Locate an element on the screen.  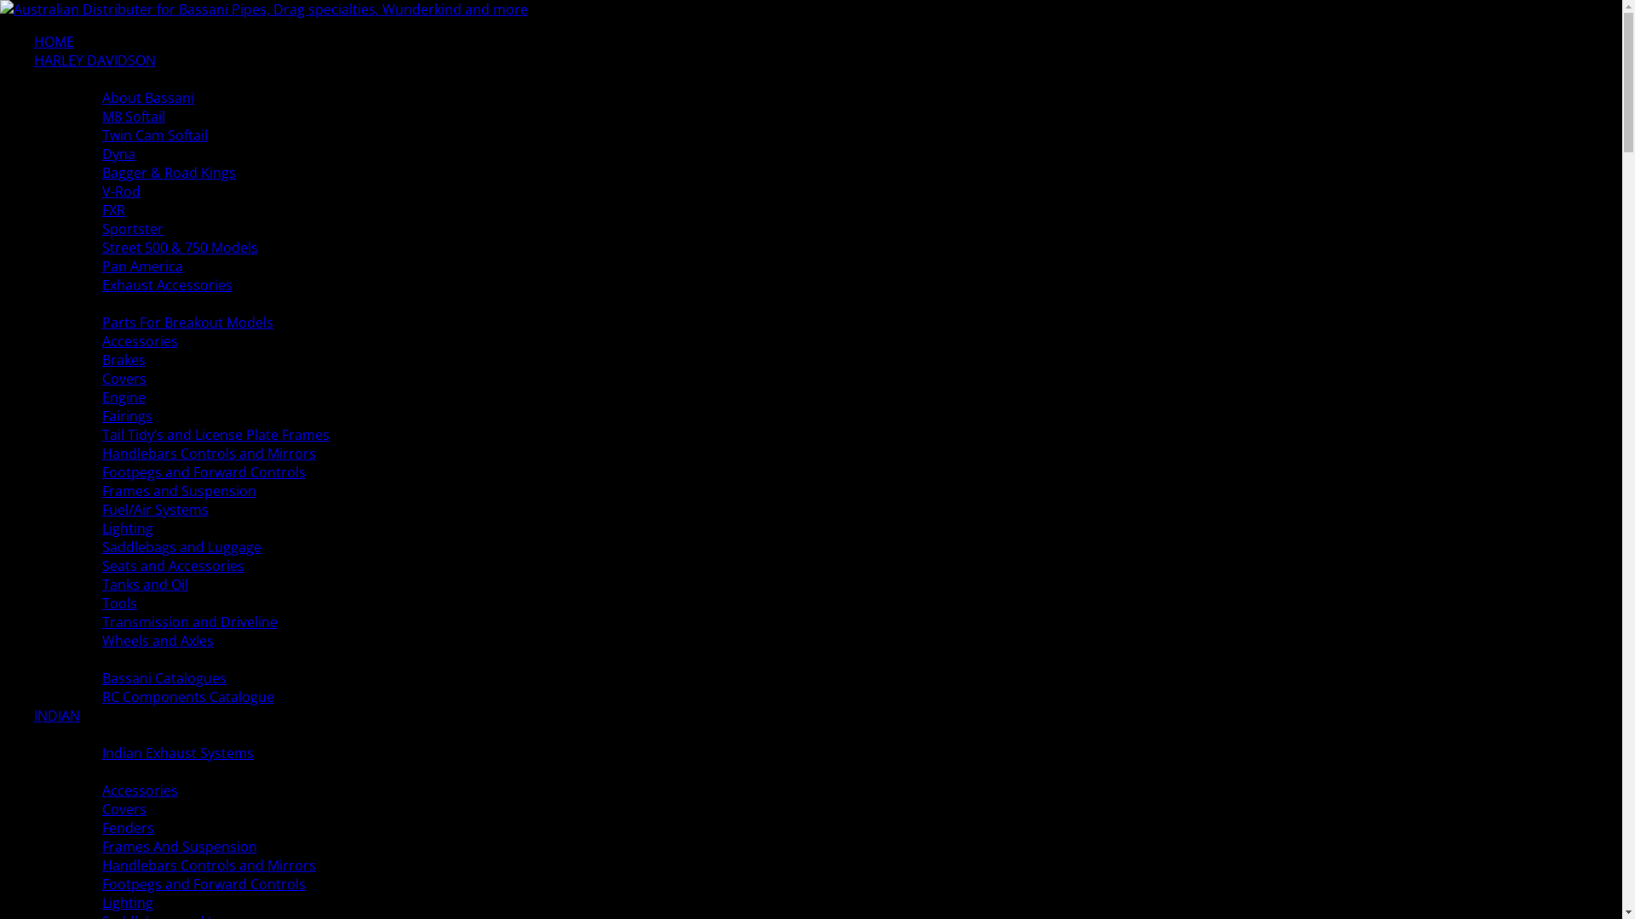
'Lighting' is located at coordinates (126, 901).